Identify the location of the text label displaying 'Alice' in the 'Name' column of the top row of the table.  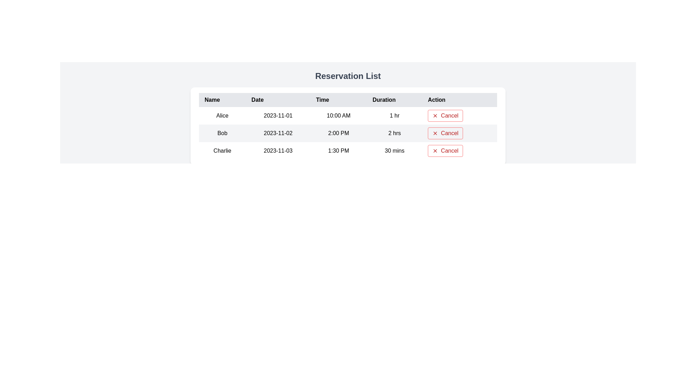
(222, 115).